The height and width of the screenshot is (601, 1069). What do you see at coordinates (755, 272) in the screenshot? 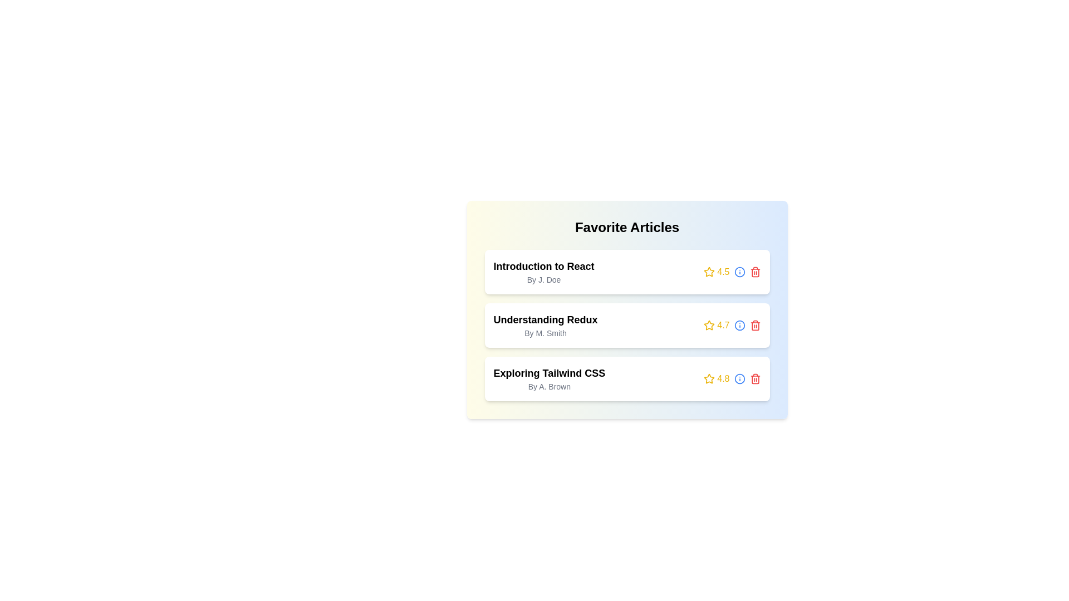
I see `'trash' icon to remove the article titled 'Introduction to React'` at bounding box center [755, 272].